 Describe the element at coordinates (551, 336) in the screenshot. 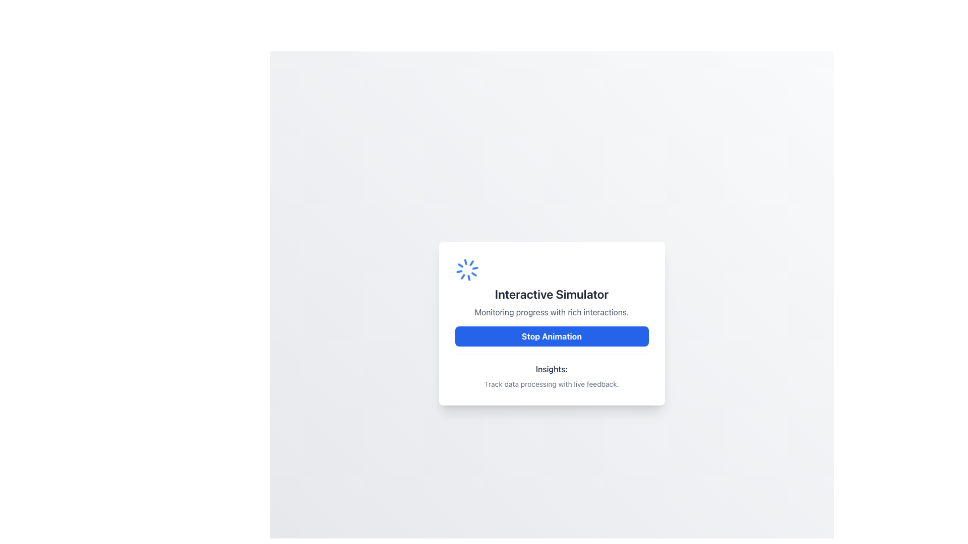

I see `the 'Stop Animation' button, which is a prominent wide button with bold white text on a vibrant blue background, positioned centrally between the 'Monitoring progress with rich interactions.' and 'Insights:' sections` at that location.